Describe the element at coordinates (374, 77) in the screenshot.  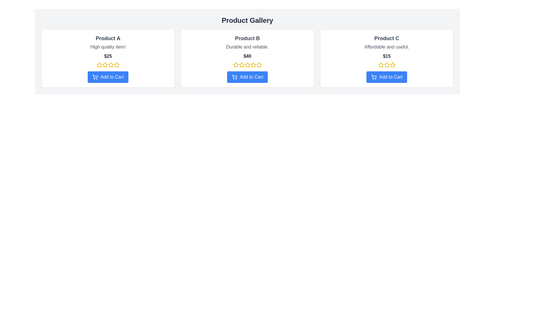
I see `the icon representing the action of adding an item to the shopping cart, located on the left side of the 'Add to Cart' button for Product C` at that location.